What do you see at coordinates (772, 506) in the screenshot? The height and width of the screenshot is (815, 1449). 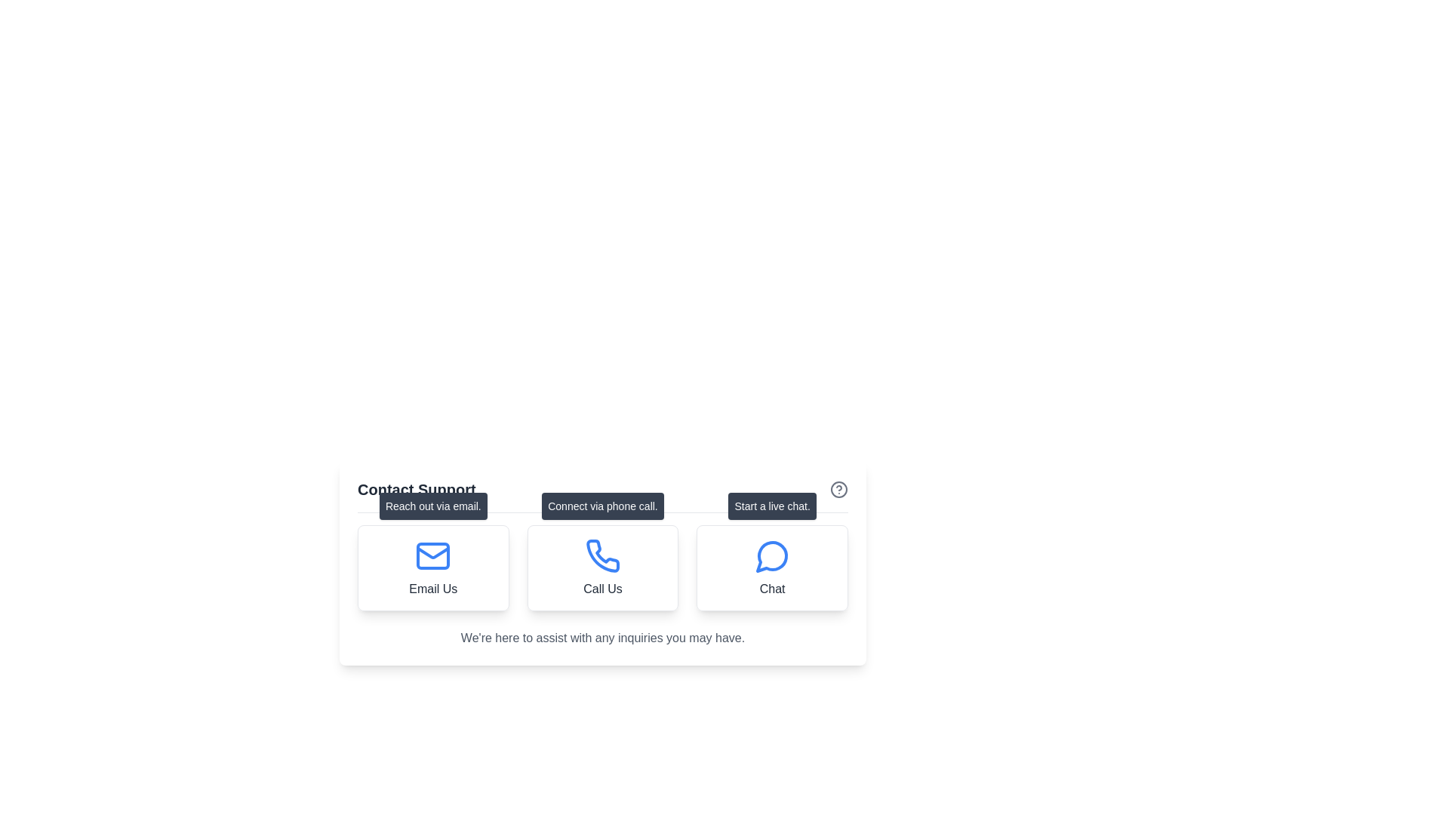 I see `the 'Chat' button` at bounding box center [772, 506].